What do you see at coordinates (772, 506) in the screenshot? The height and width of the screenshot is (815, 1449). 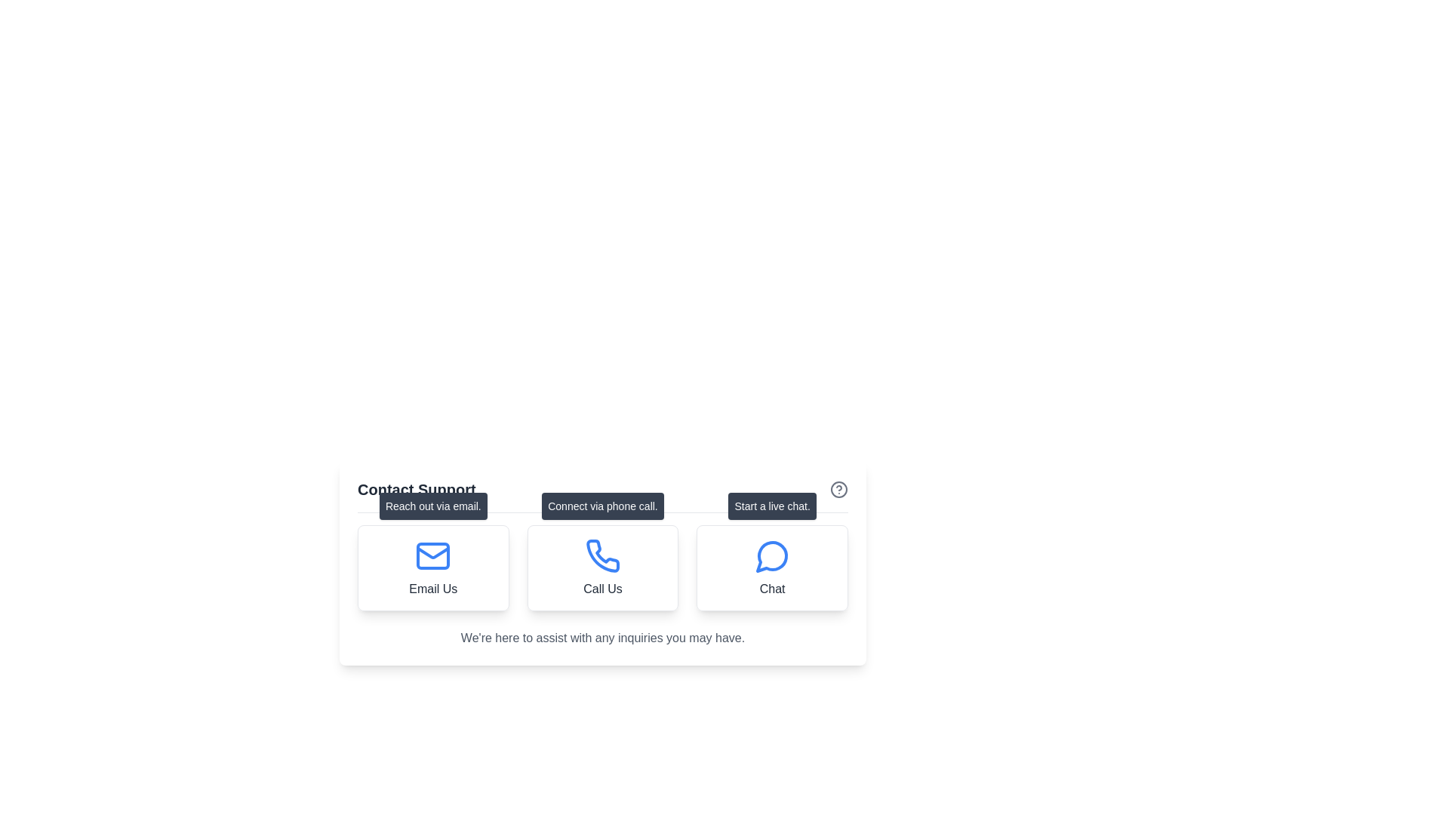 I see `the 'Chat' button` at bounding box center [772, 506].